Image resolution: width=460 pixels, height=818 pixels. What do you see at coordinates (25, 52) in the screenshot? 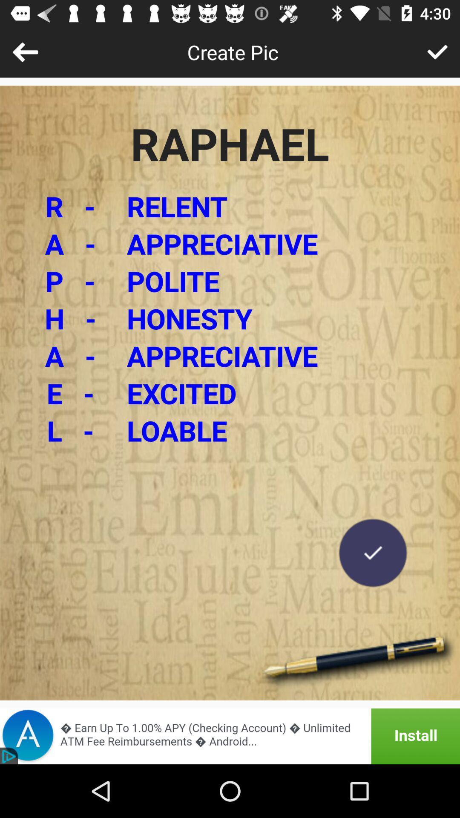
I see `go back` at bounding box center [25, 52].